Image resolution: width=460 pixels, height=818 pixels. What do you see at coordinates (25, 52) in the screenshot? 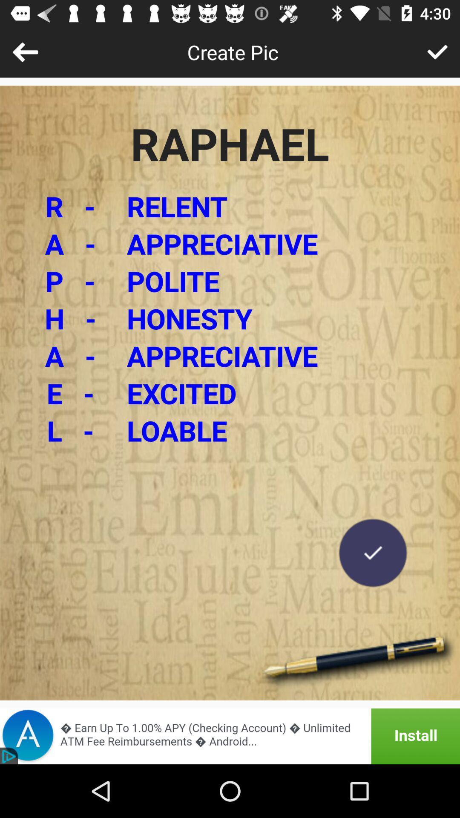
I see `go back` at bounding box center [25, 52].